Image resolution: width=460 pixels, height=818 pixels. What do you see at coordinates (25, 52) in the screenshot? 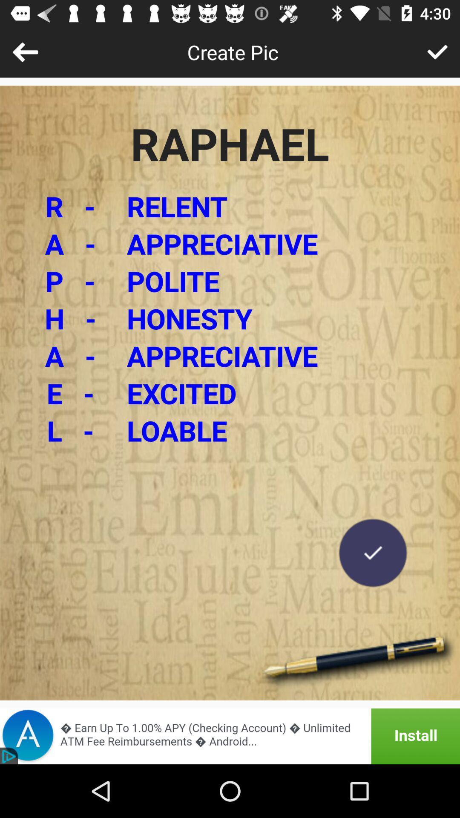
I see `go back` at bounding box center [25, 52].